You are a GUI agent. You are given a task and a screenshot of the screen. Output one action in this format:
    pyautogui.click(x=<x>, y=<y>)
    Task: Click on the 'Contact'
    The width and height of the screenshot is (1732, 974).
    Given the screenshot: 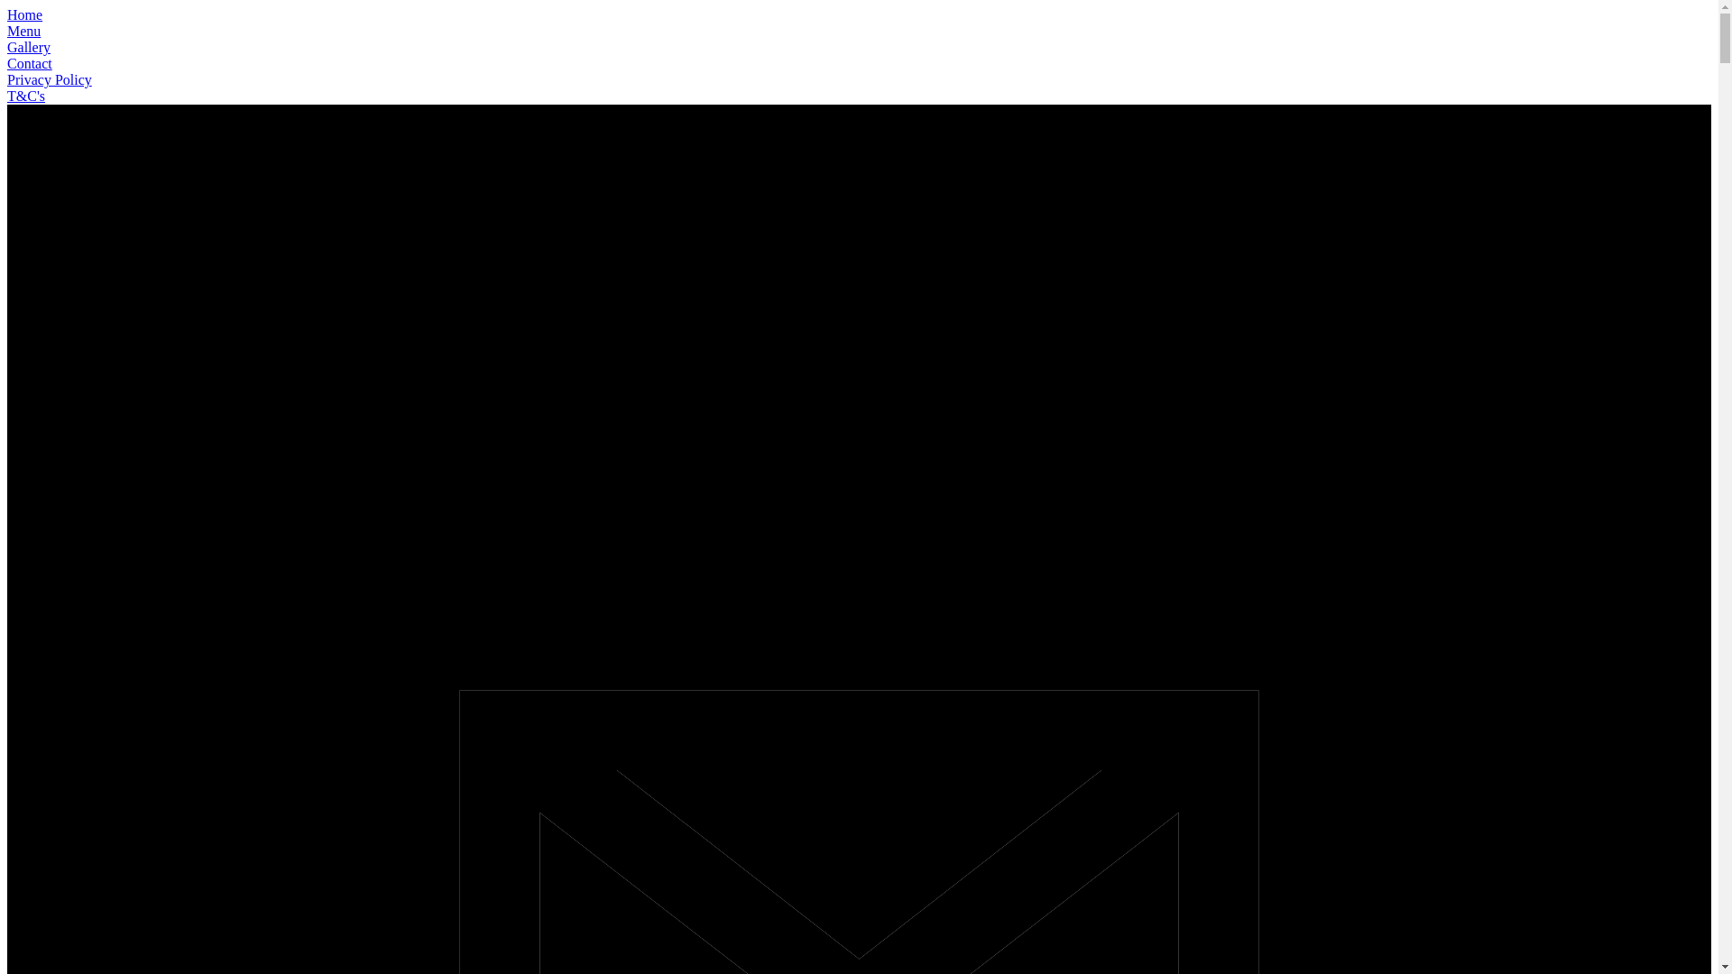 What is the action you would take?
    pyautogui.click(x=30, y=62)
    